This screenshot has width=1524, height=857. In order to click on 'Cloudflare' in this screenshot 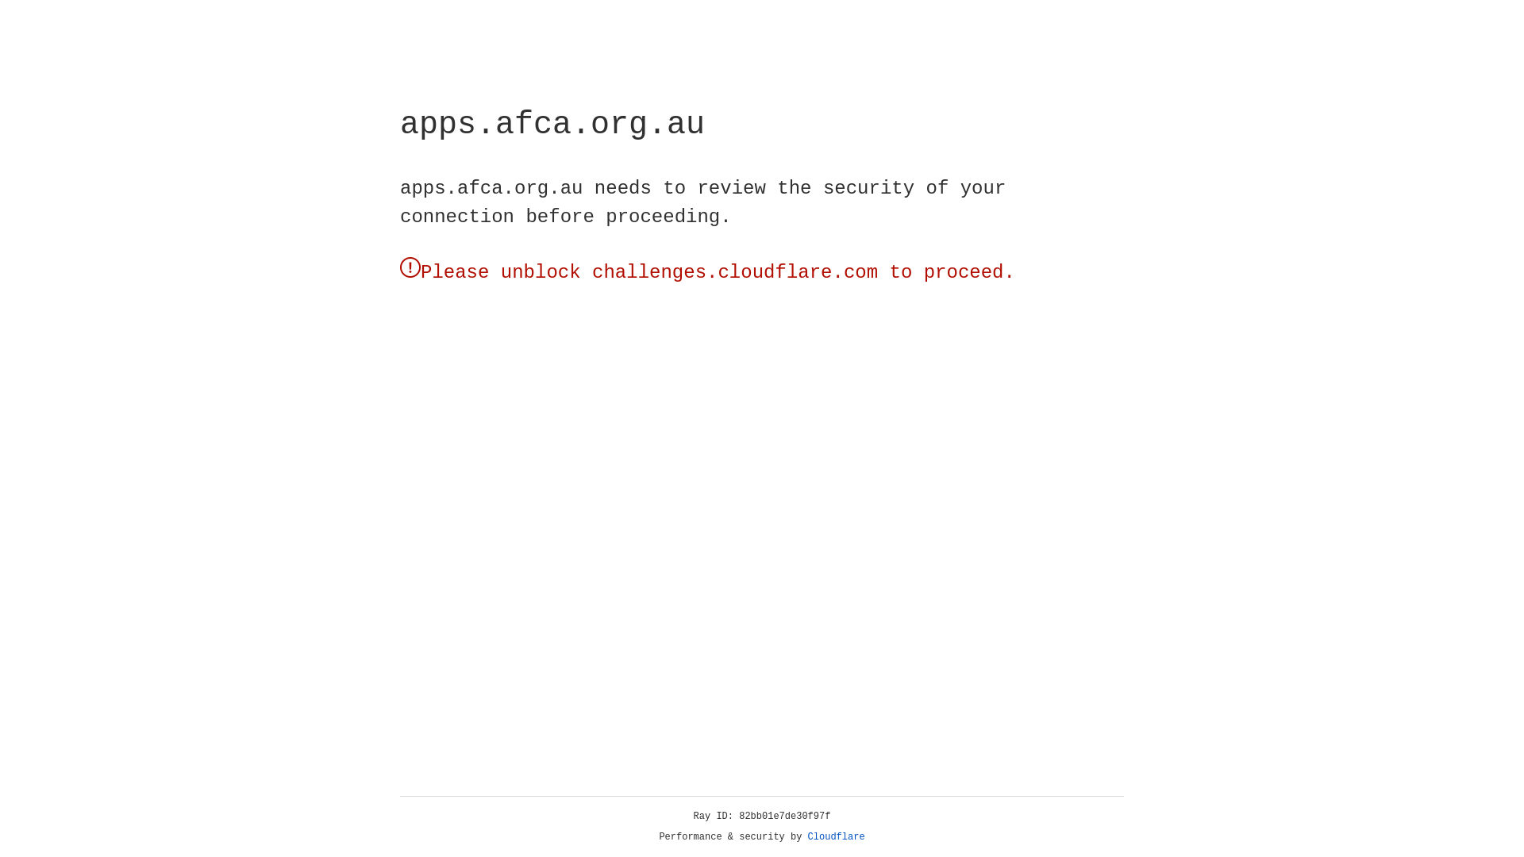, I will do `click(836, 836)`.